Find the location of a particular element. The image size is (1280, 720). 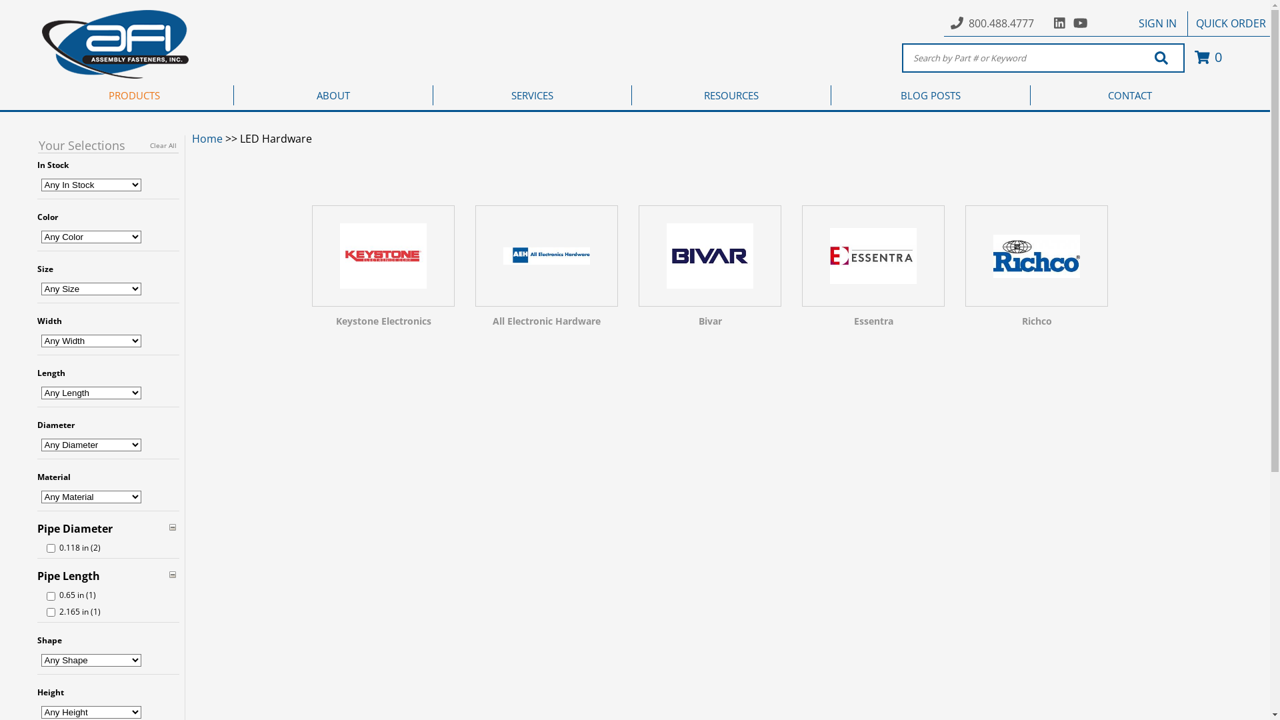

'SERVICES' is located at coordinates (532, 94).